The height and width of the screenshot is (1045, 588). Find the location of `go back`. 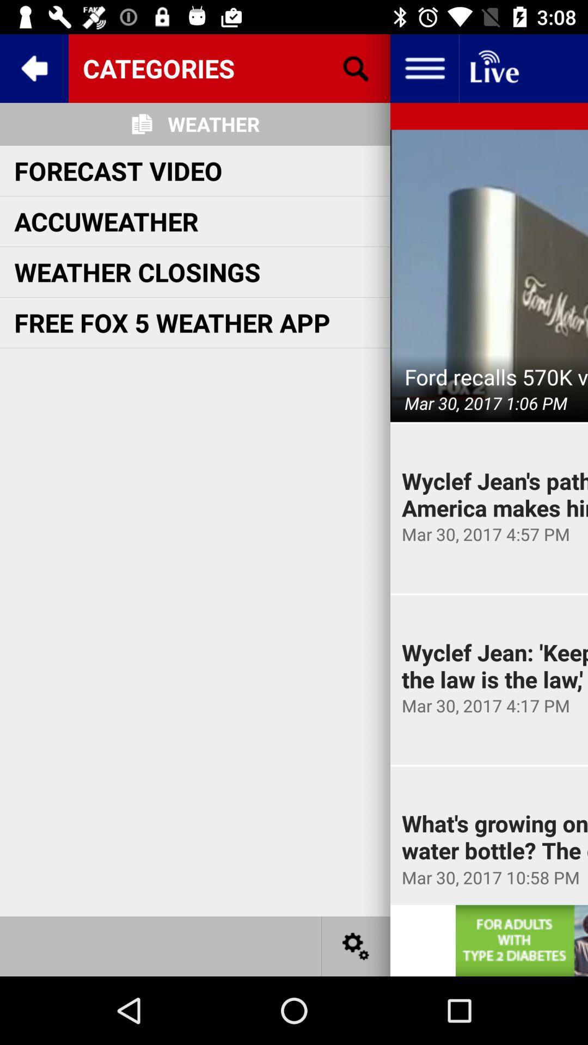

go back is located at coordinates (33, 67).